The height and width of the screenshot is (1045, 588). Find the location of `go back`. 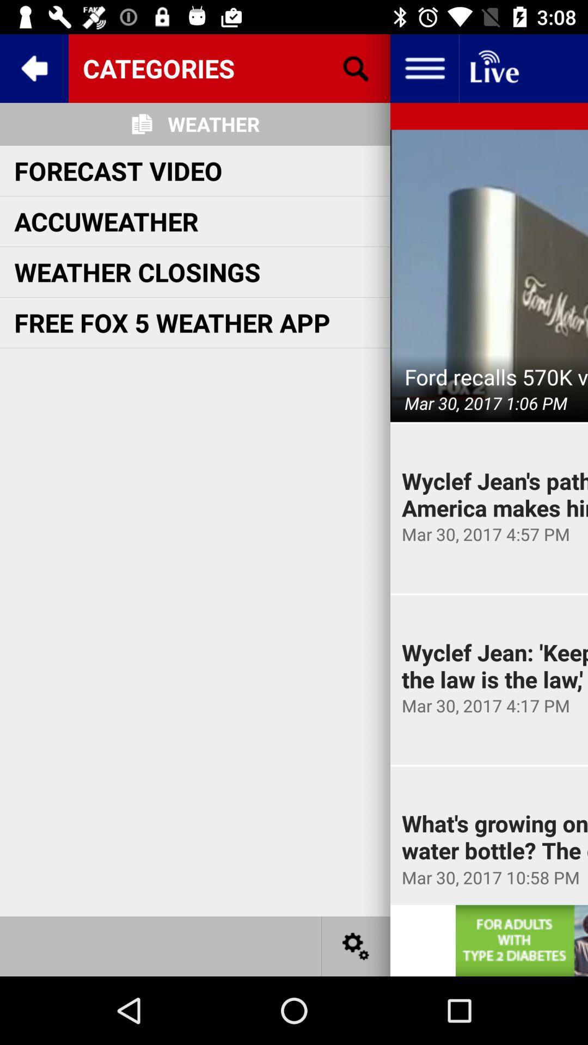

go back is located at coordinates (33, 67).